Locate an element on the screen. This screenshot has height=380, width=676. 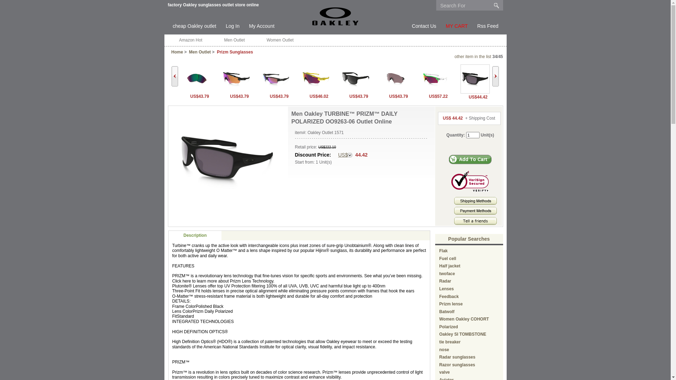
'Shipping Methods' is located at coordinates (475, 203).